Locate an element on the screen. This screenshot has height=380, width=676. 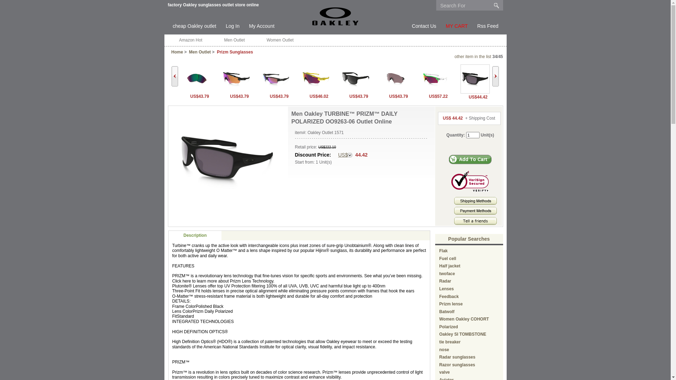
'Shipping Methods' is located at coordinates (475, 203).